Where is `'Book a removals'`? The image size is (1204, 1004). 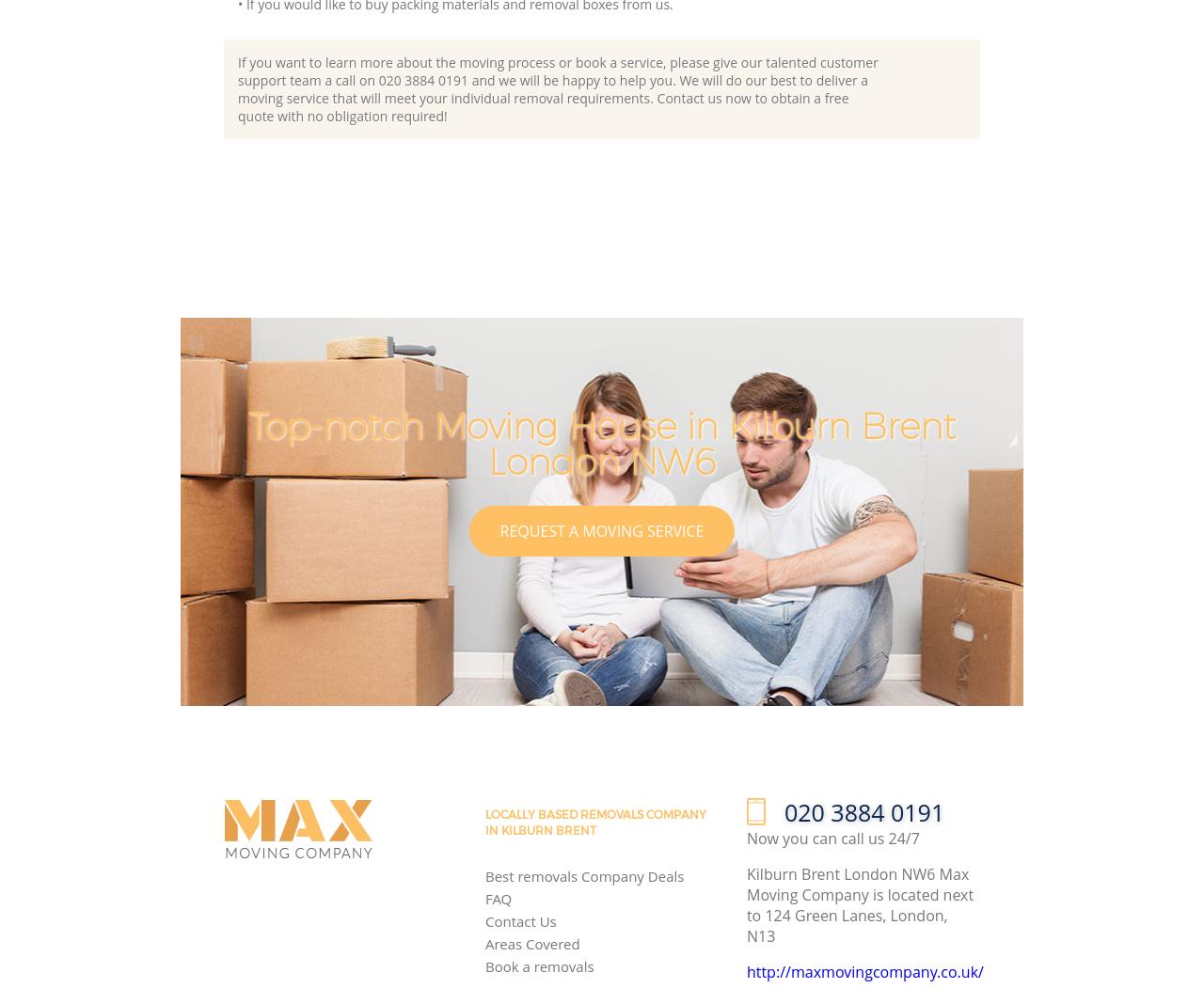
'Book a removals' is located at coordinates (538, 965).